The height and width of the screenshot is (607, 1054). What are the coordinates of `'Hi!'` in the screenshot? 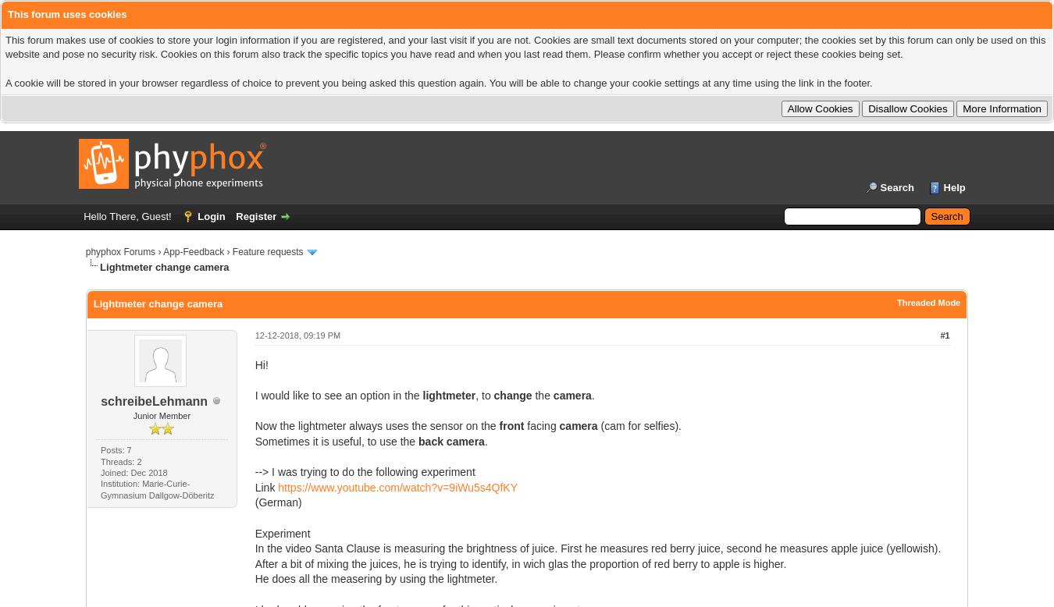 It's located at (260, 364).